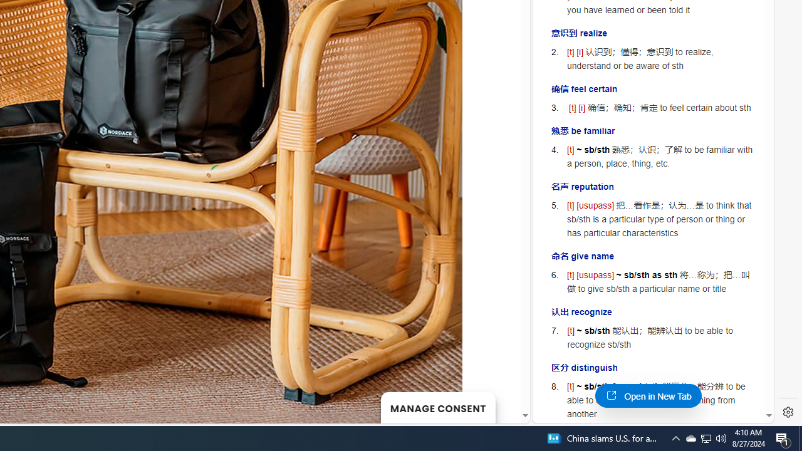 The height and width of the screenshot is (451, 802). What do you see at coordinates (437, 407) in the screenshot?
I see `'MANAGE CONSENT'` at bounding box center [437, 407].